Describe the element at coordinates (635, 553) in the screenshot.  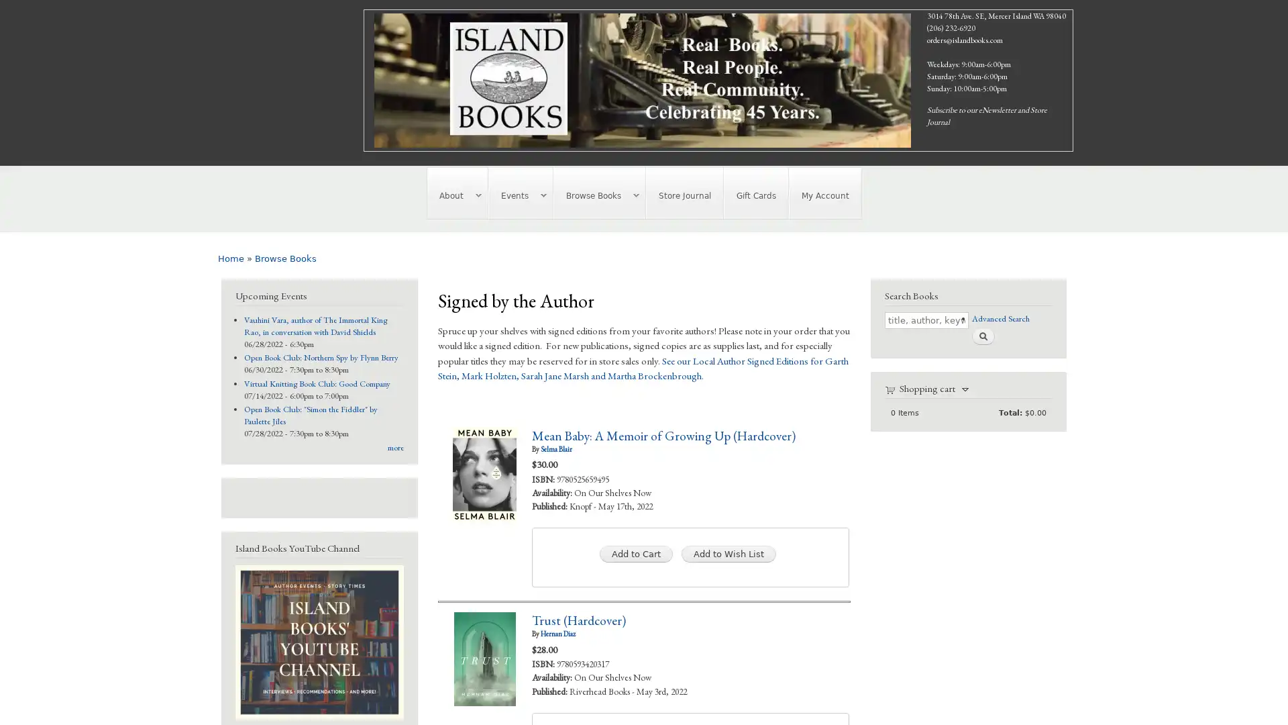
I see `Add to Cart` at that location.